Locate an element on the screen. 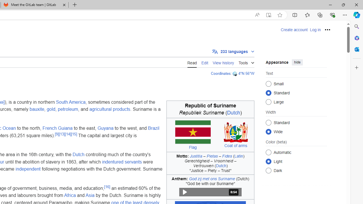 Image resolution: width=363 pixels, height=204 pixels. 'Play audio' is located at coordinates (210, 192).